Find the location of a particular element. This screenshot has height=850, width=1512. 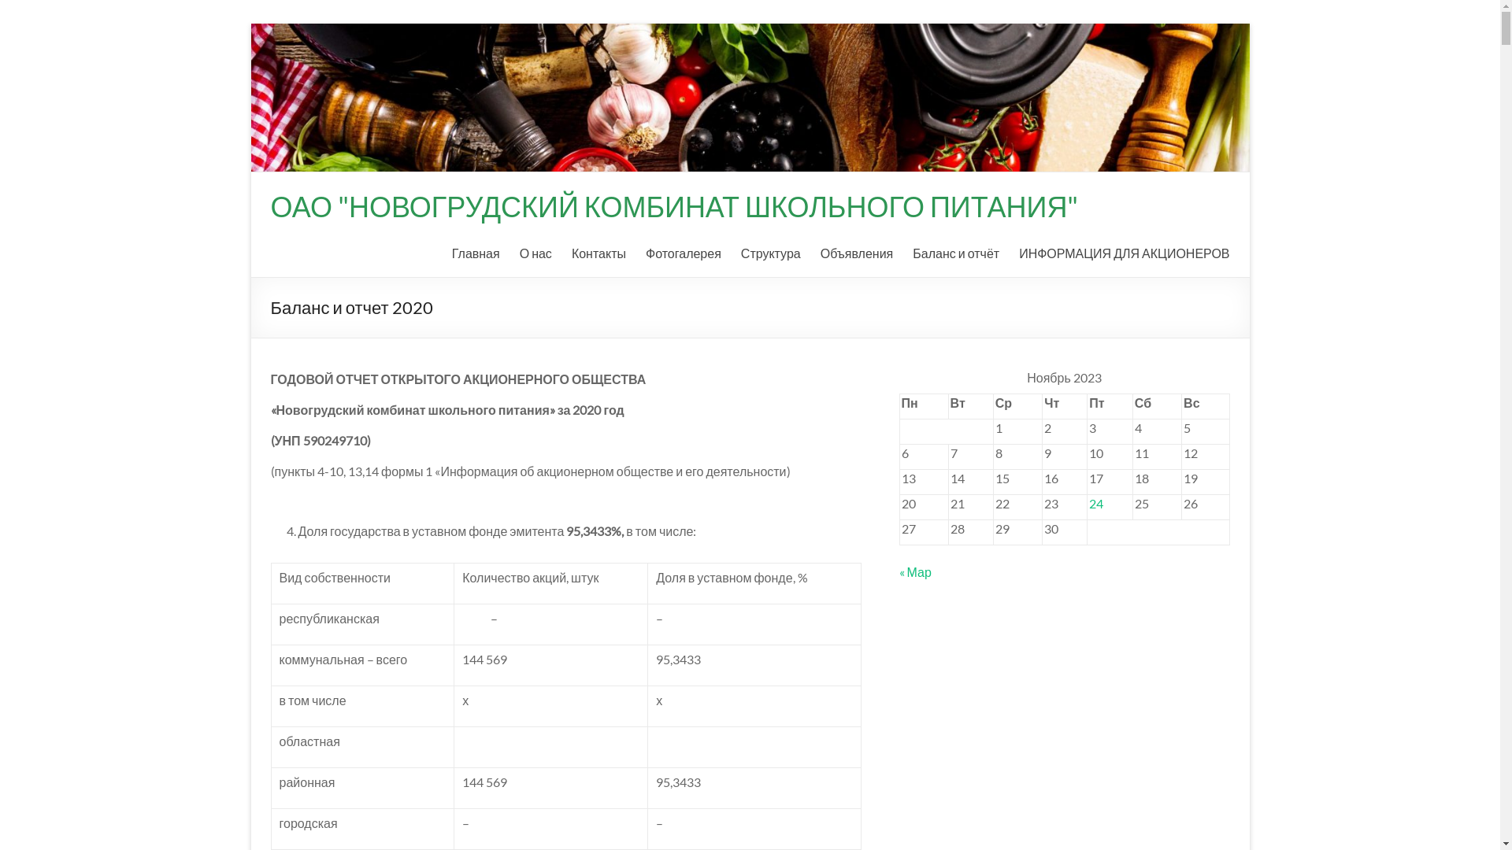

'Skip to content' is located at coordinates (250, 23).